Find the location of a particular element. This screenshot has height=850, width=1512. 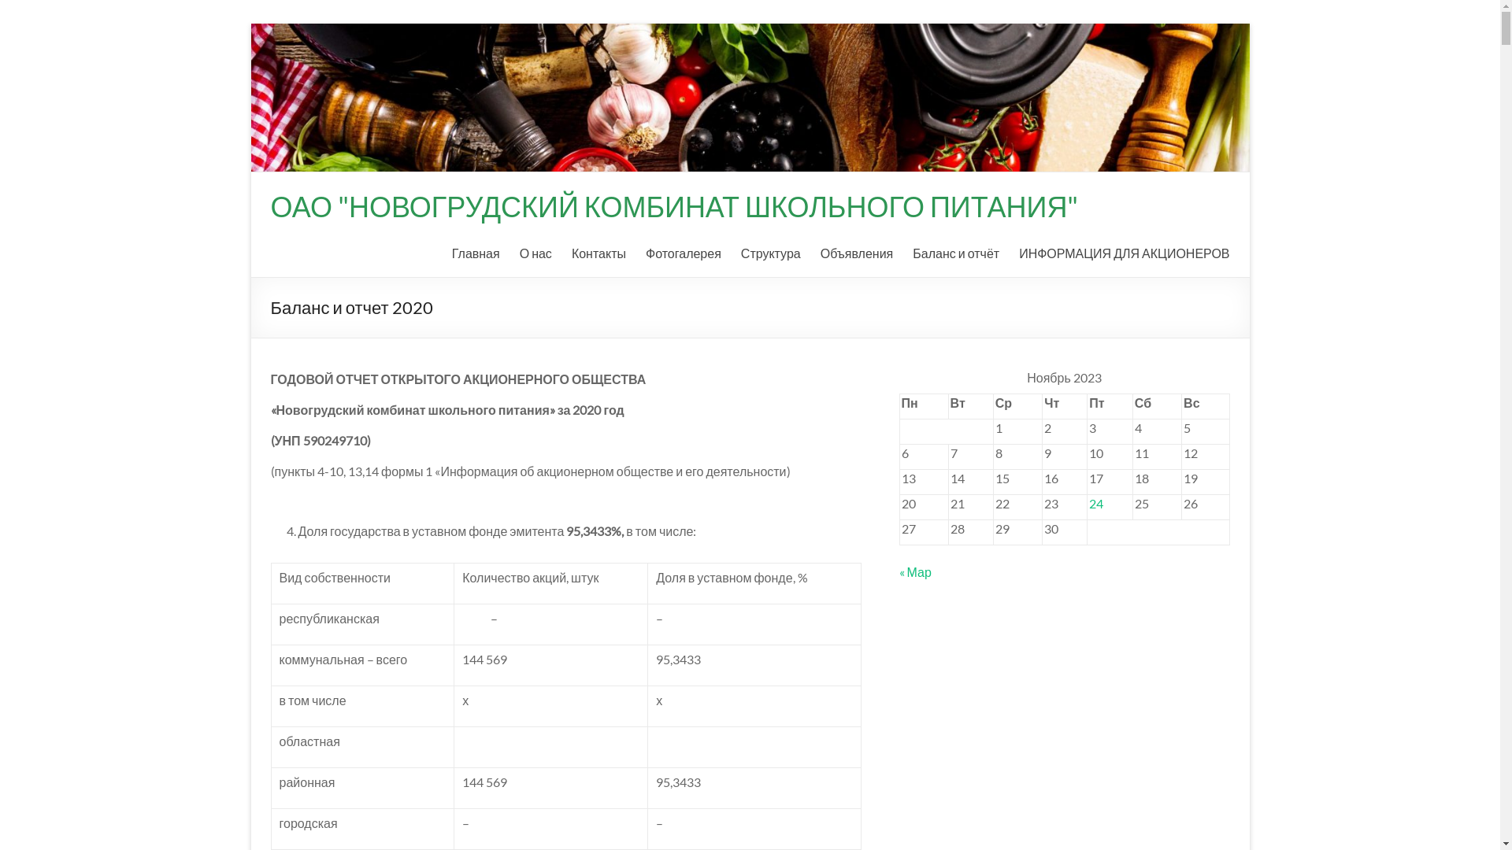

'Skip to content' is located at coordinates (250, 23).